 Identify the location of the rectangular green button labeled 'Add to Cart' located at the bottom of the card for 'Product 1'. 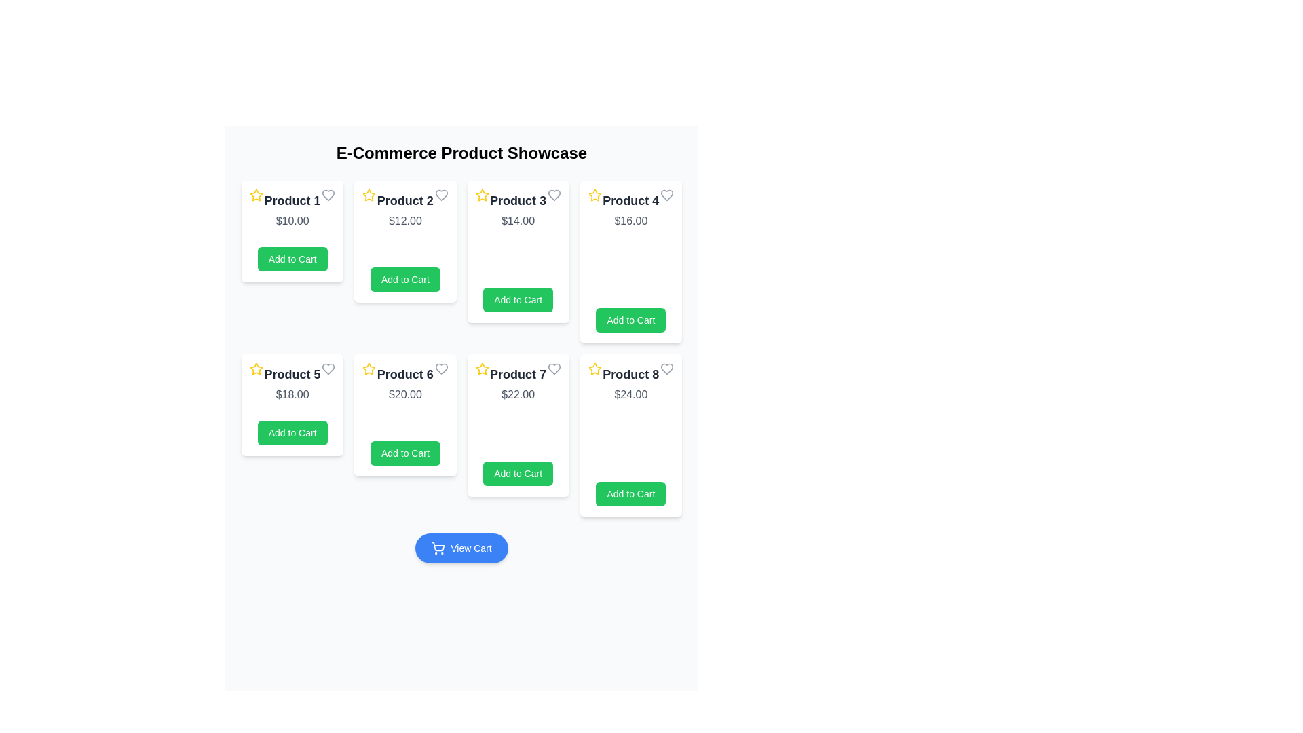
(292, 259).